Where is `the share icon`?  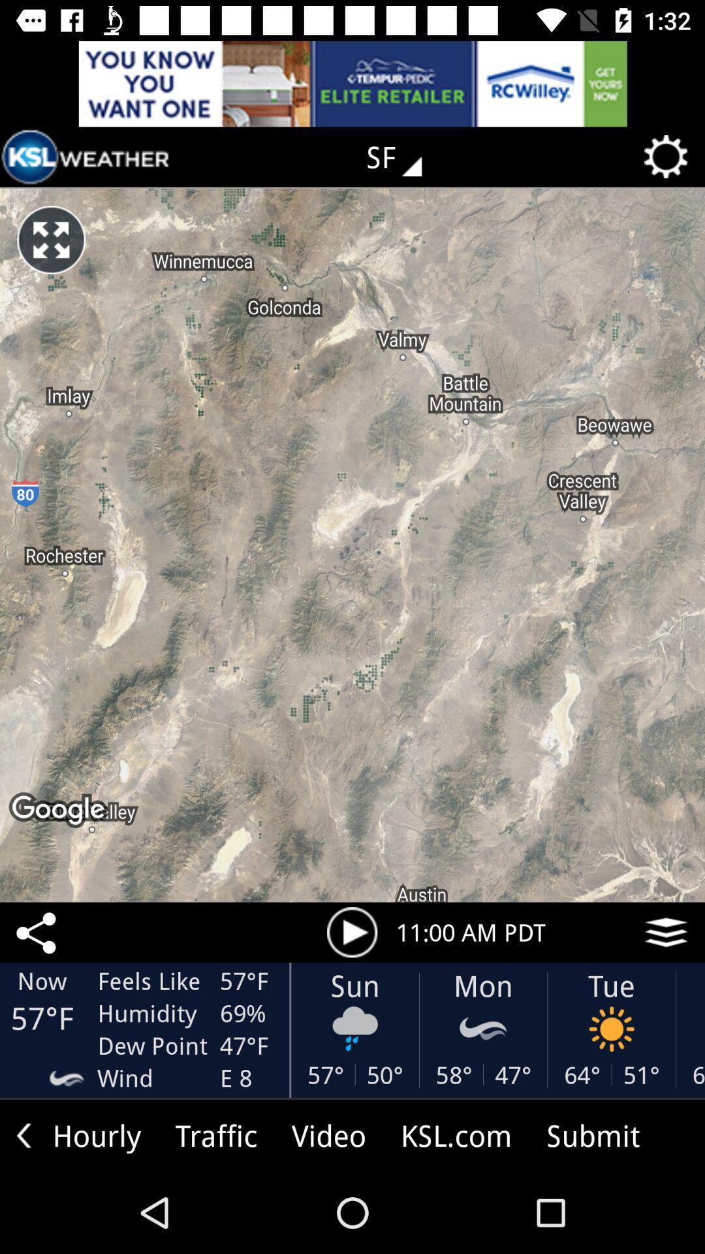
the share icon is located at coordinates (38, 931).